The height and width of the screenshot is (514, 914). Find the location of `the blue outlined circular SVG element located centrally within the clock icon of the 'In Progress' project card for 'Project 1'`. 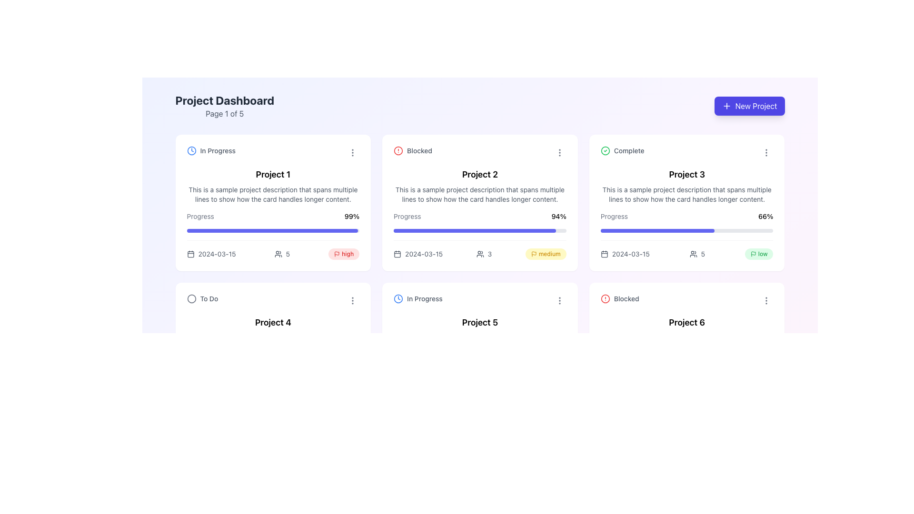

the blue outlined circular SVG element located centrally within the clock icon of the 'In Progress' project card for 'Project 1' is located at coordinates (398, 298).